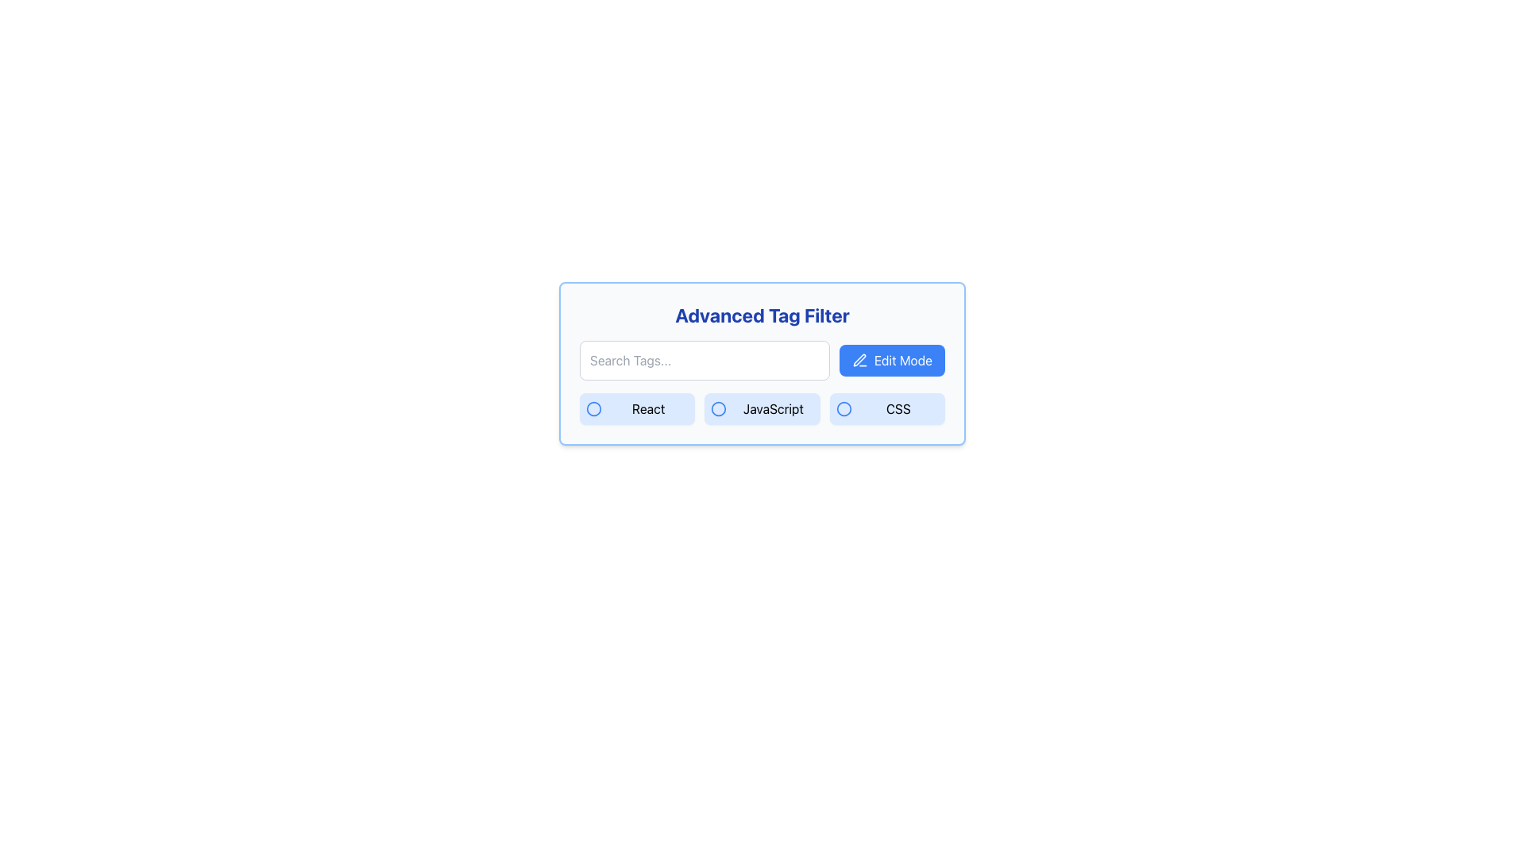  Describe the element at coordinates (843, 408) in the screenshot. I see `the circular icon located to the left of the text 'CSS'` at that location.